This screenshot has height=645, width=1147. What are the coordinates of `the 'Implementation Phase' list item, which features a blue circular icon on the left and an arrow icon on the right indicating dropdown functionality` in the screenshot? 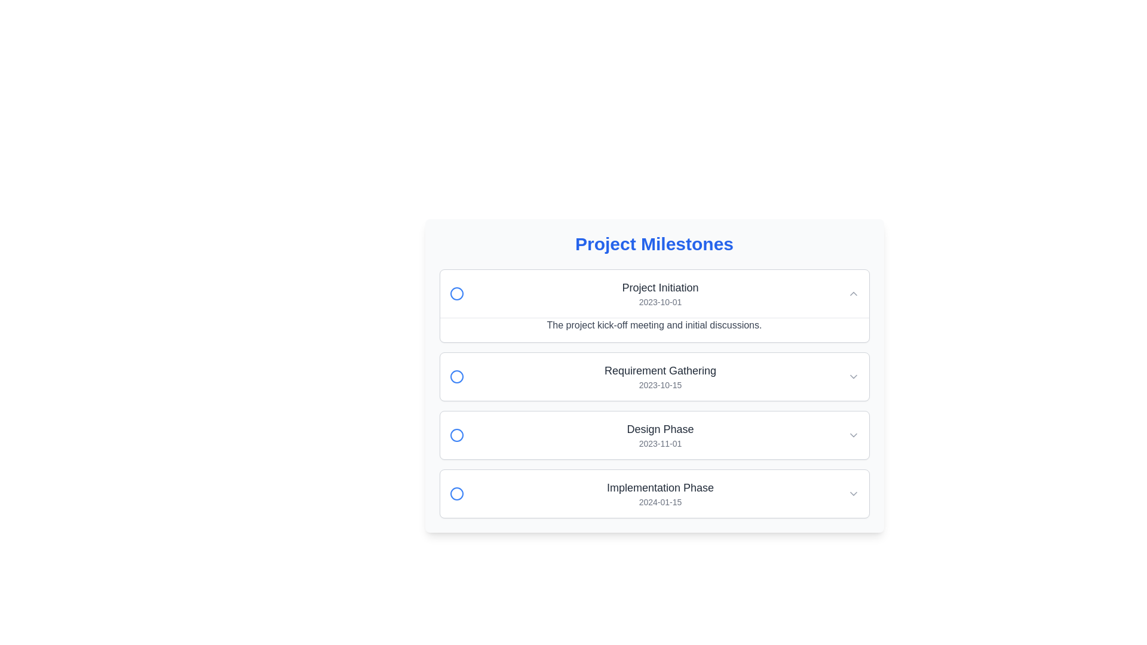 It's located at (654, 493).